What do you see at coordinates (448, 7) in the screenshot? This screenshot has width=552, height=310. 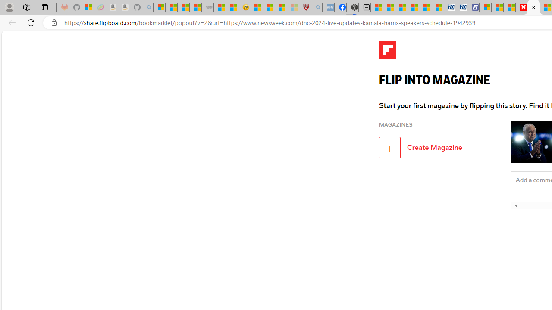 I see `'Cheap Car Rentals - Save70.com'` at bounding box center [448, 7].